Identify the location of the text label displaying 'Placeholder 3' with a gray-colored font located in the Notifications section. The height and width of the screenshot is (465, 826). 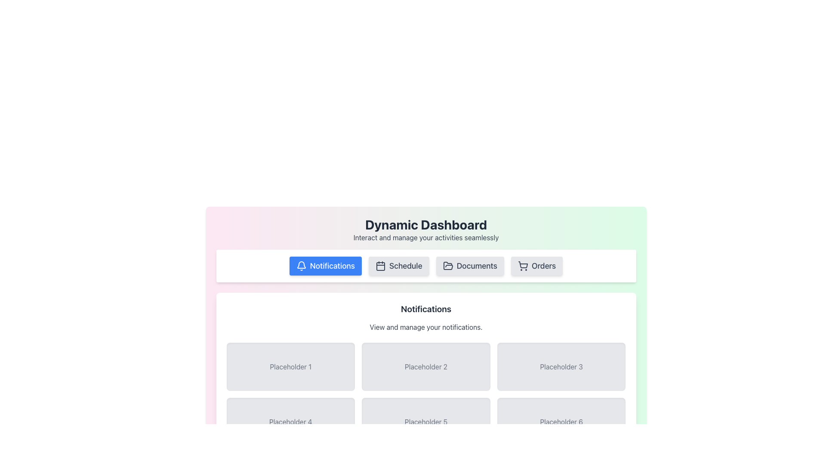
(561, 367).